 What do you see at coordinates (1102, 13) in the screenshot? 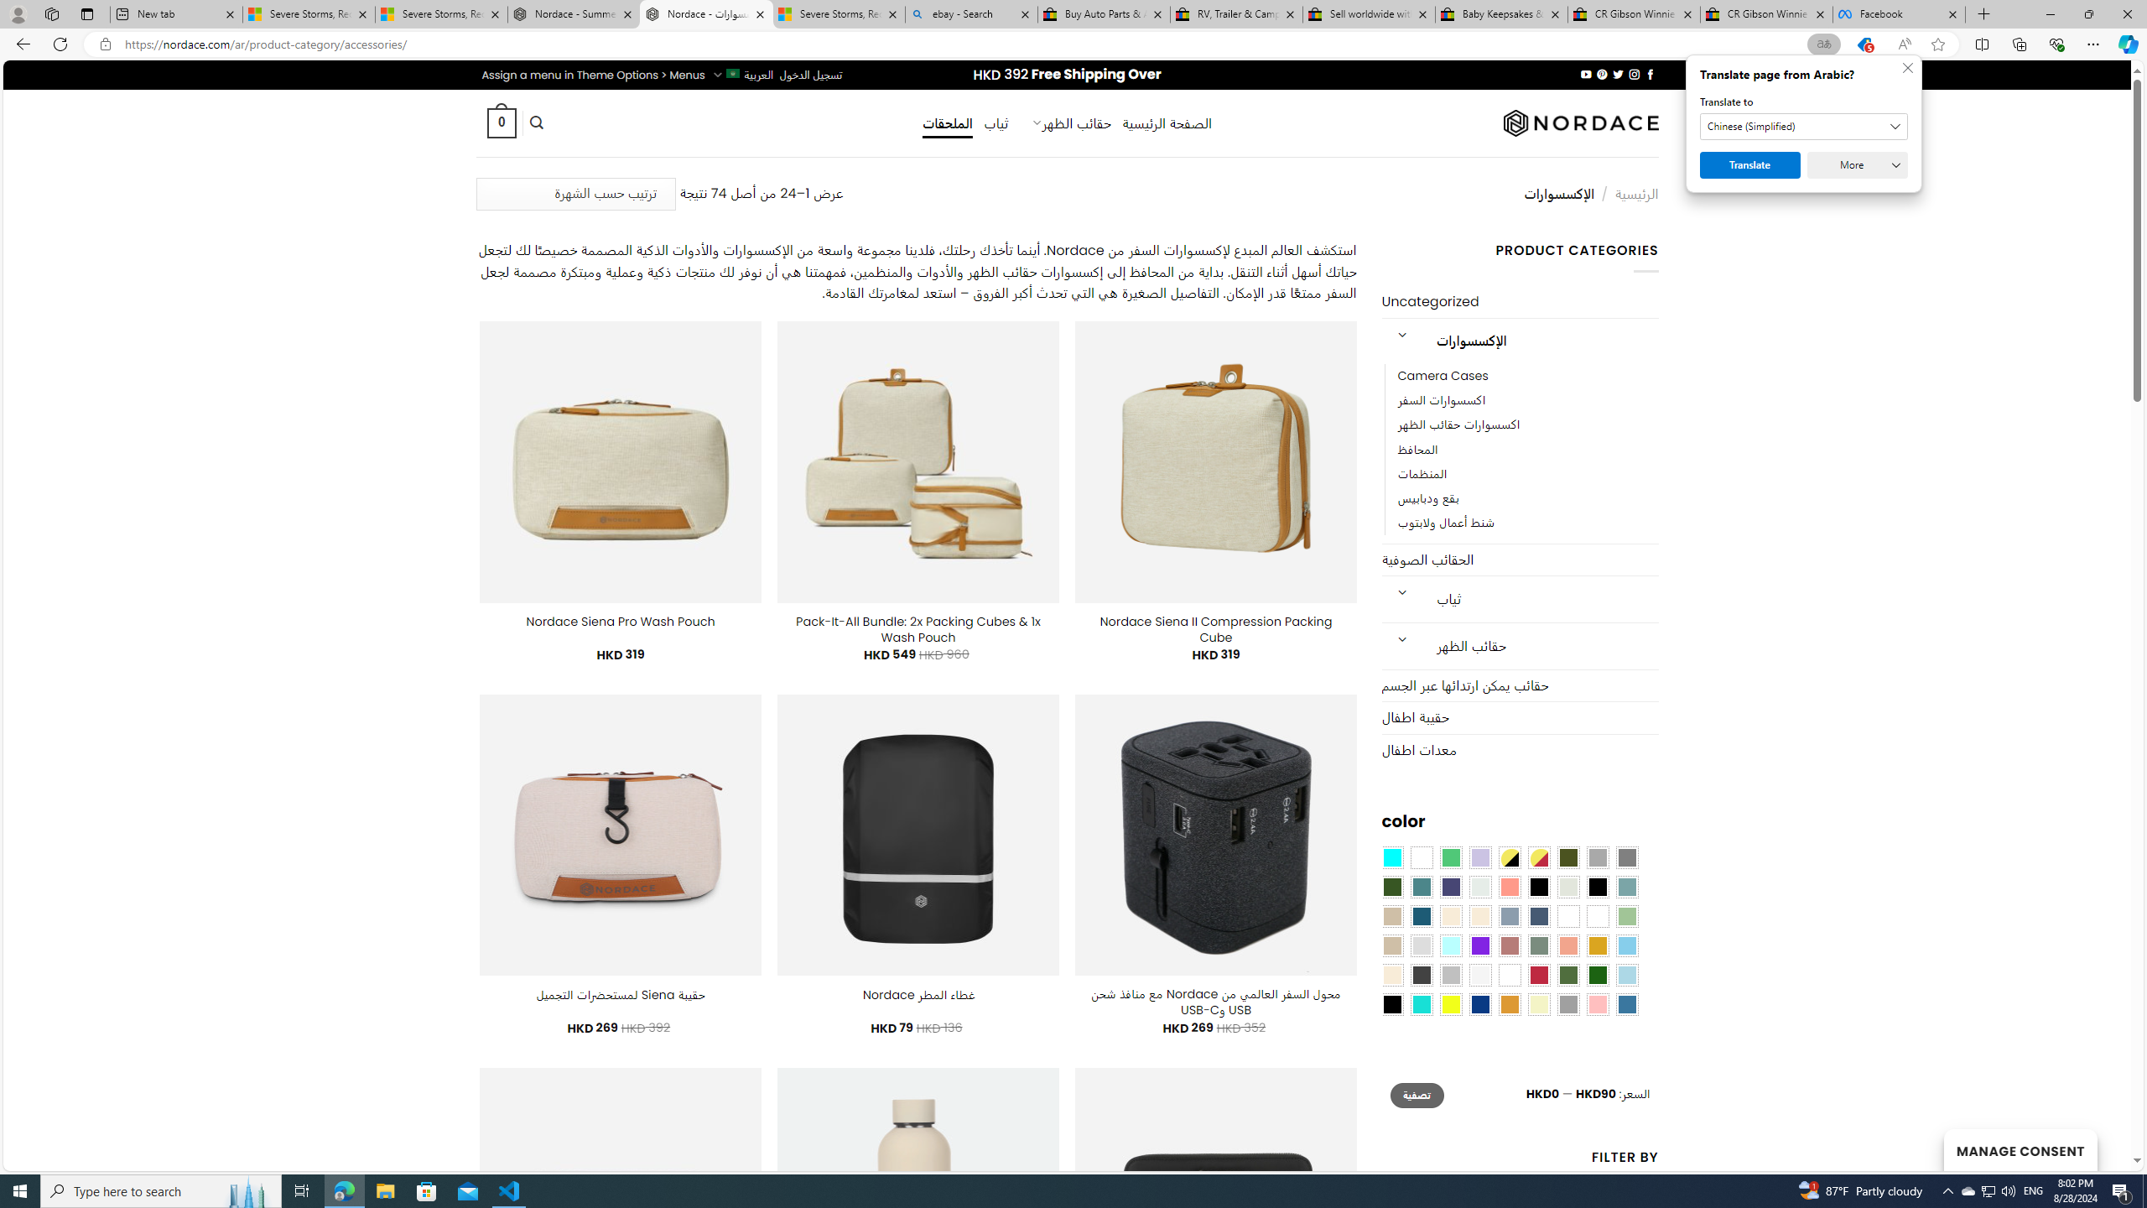
I see `'Buy Auto Parts & Accessories | eBay'` at bounding box center [1102, 13].